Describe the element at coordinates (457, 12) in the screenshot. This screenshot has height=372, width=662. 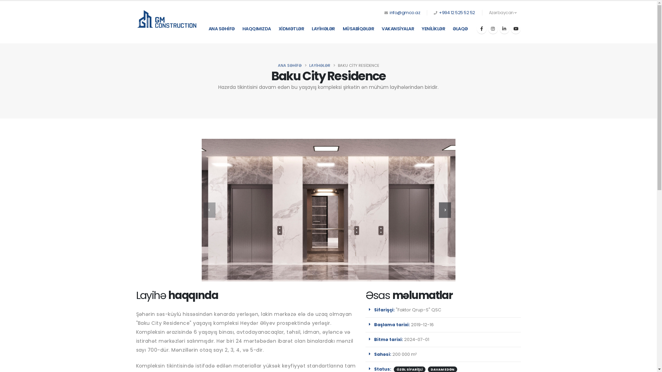
I see `'+994 12 525 52 52'` at that location.